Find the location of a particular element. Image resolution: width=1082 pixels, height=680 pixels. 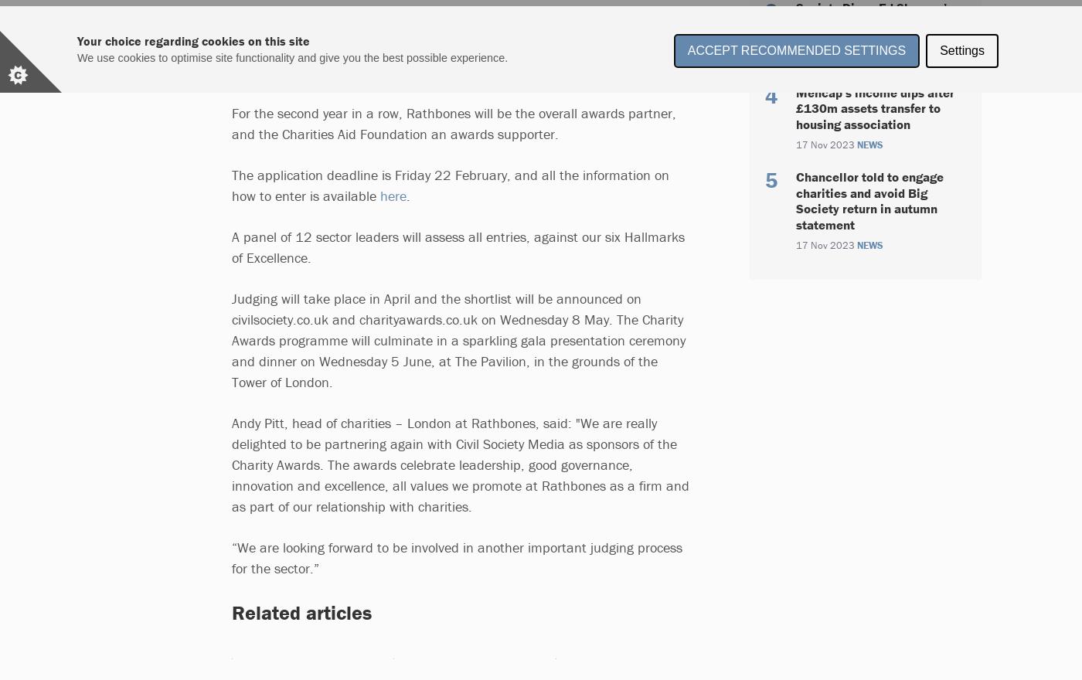

'.' is located at coordinates (410, 195).